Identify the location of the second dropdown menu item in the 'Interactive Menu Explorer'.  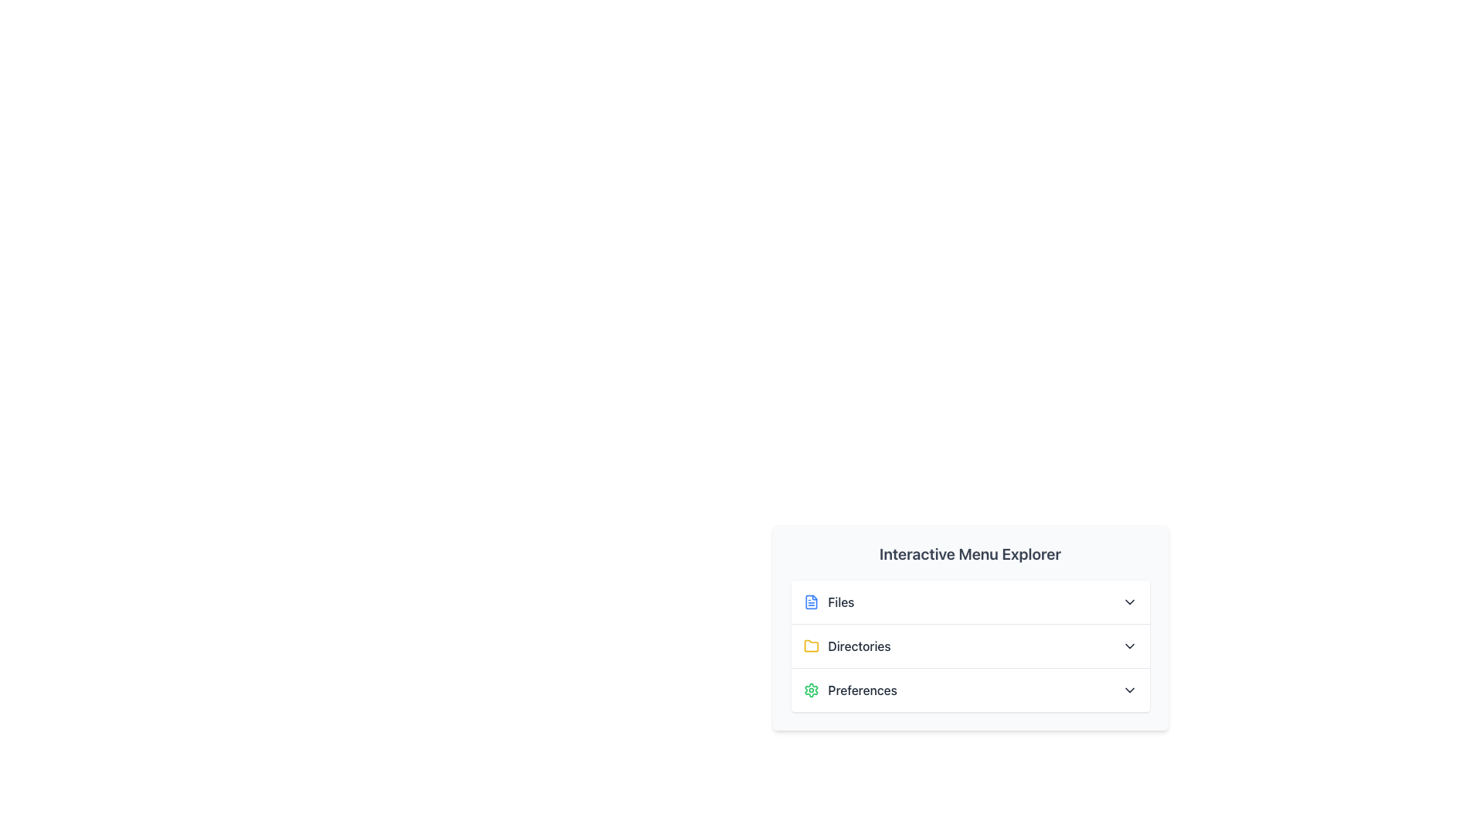
(969, 646).